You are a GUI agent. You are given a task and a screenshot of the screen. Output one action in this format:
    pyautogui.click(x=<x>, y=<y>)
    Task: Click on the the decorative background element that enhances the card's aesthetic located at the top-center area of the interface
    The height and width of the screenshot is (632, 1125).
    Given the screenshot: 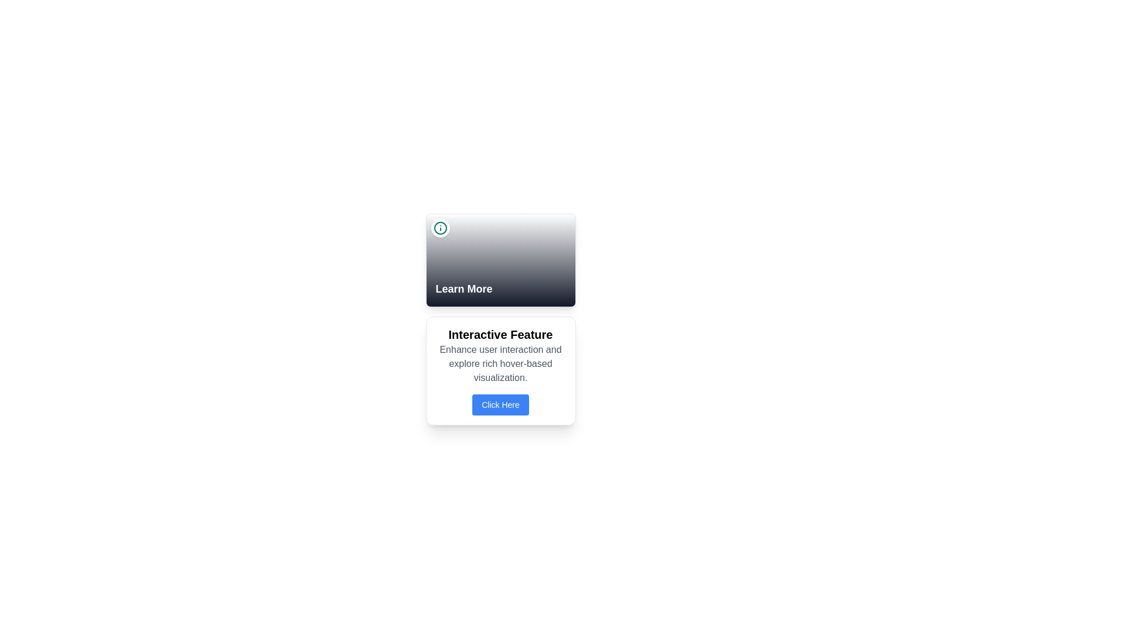 What is the action you would take?
    pyautogui.click(x=500, y=259)
    